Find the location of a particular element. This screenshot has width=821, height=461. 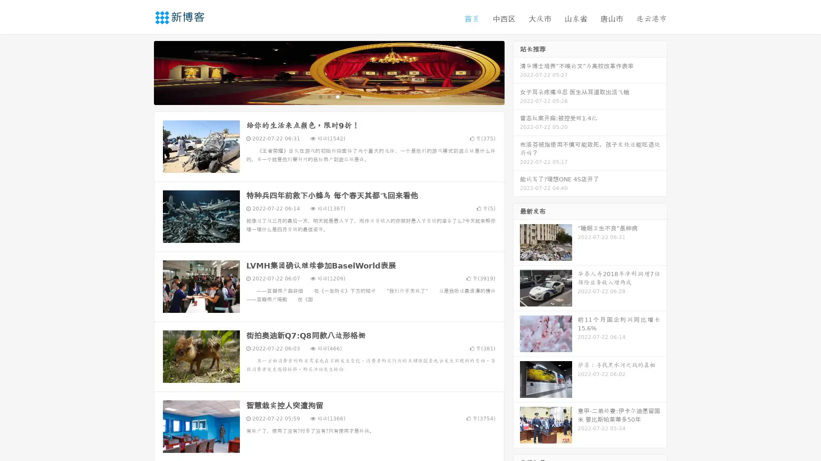

Next slide is located at coordinates (517, 72).